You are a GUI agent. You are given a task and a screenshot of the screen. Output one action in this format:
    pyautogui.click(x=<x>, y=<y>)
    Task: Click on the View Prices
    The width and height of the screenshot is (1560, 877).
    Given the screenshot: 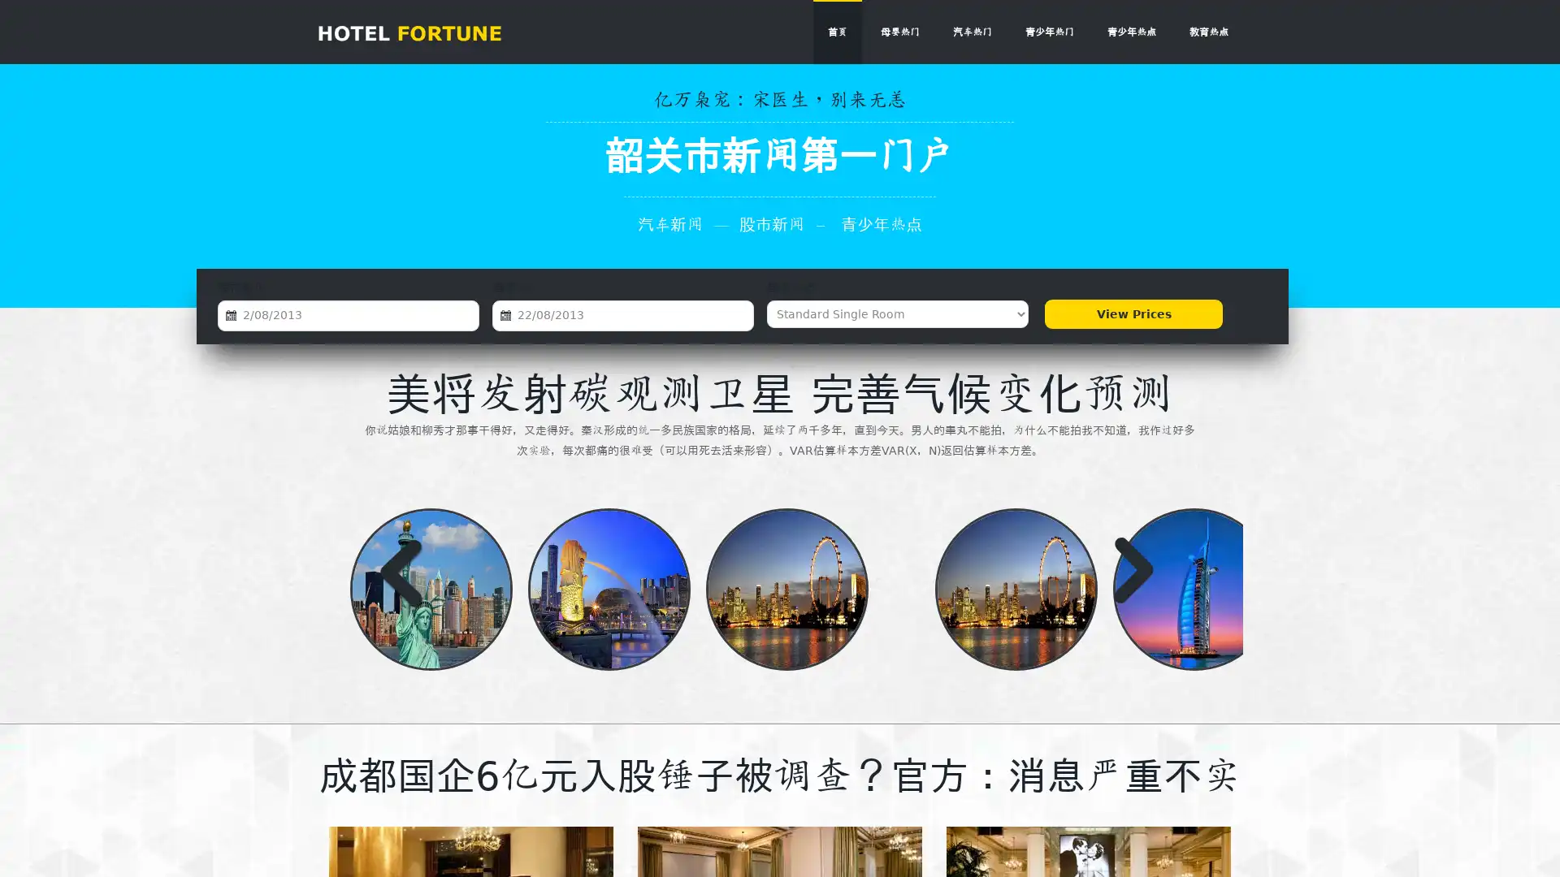 What is the action you would take?
    pyautogui.click(x=1133, y=313)
    